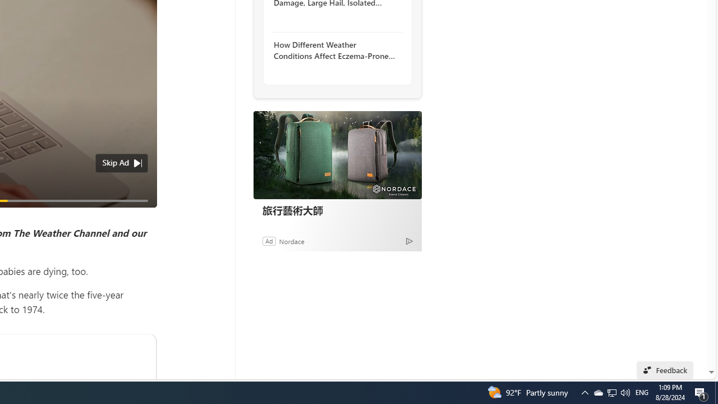  What do you see at coordinates (665, 370) in the screenshot?
I see `'Feedback'` at bounding box center [665, 370].